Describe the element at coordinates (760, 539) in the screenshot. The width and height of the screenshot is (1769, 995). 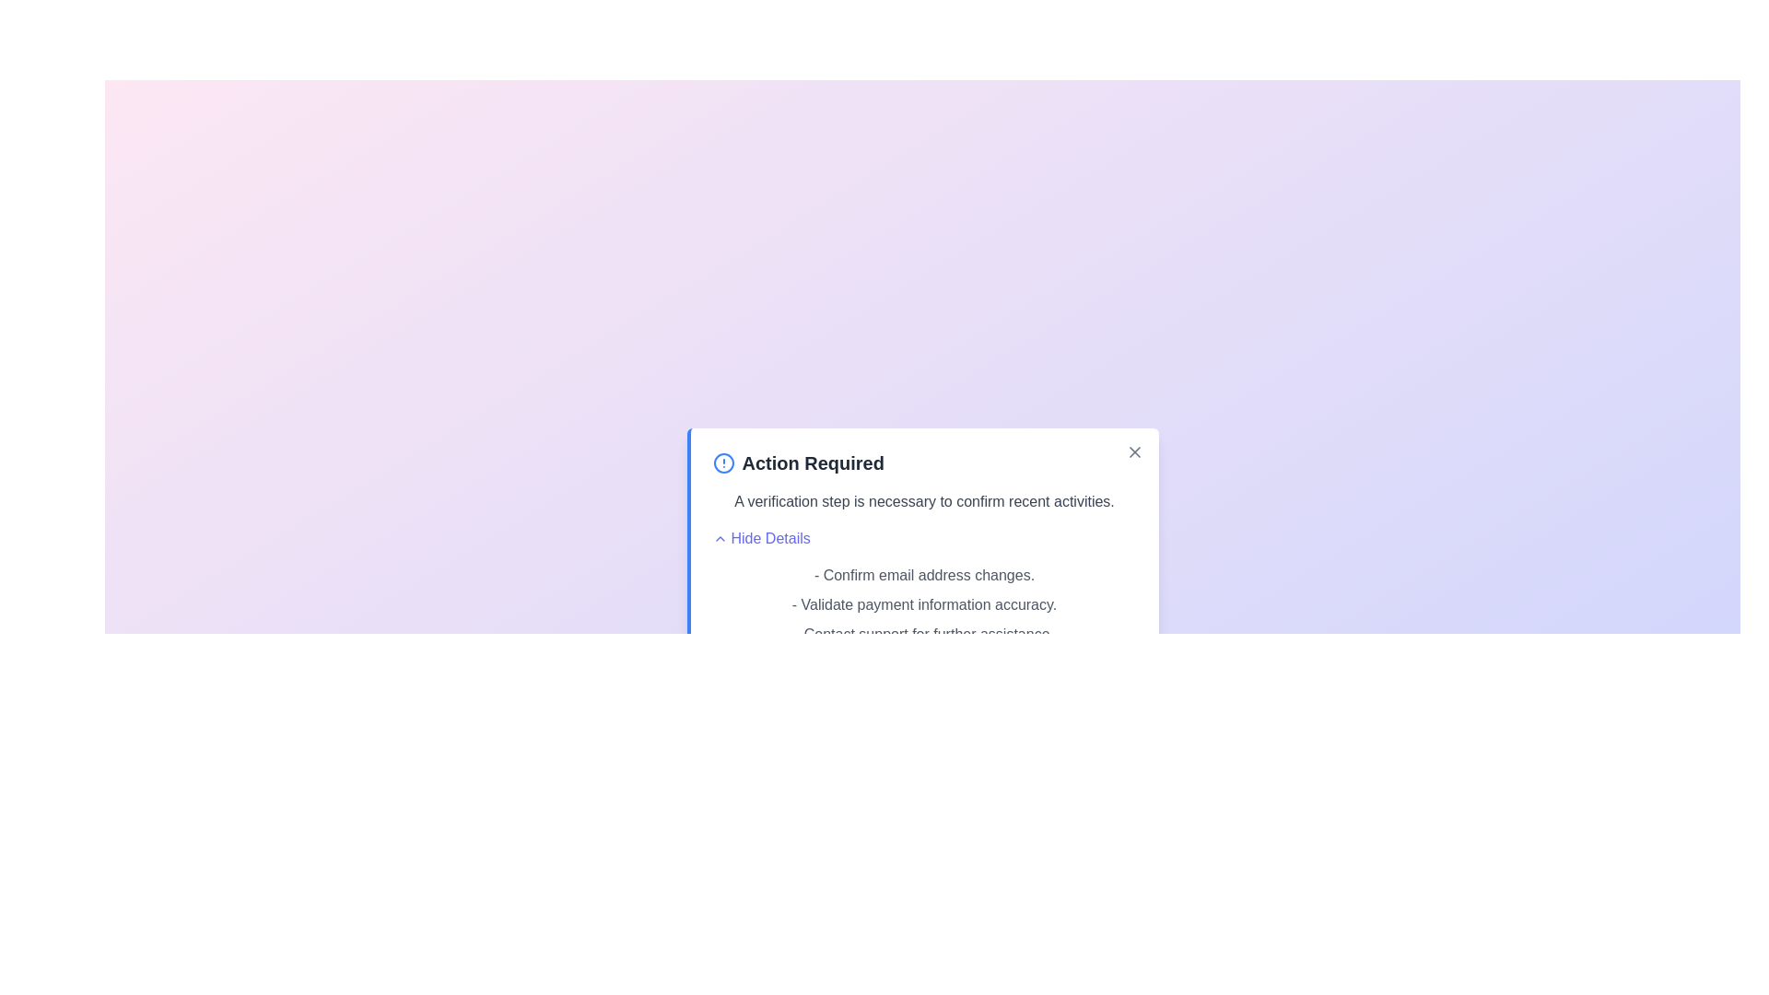
I see `the 'Hide Details' button to toggle the visibility of additional details` at that location.